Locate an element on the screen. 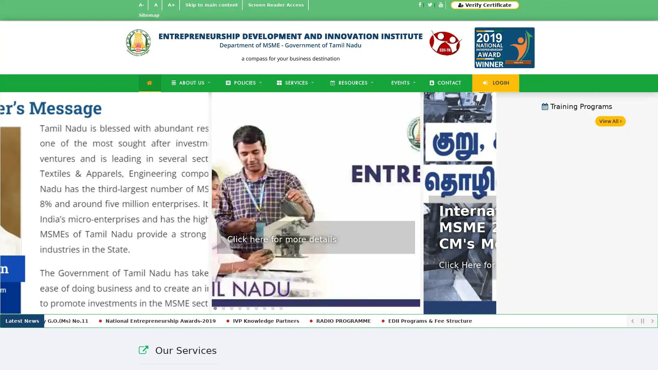  Next is located at coordinates (482, 196).